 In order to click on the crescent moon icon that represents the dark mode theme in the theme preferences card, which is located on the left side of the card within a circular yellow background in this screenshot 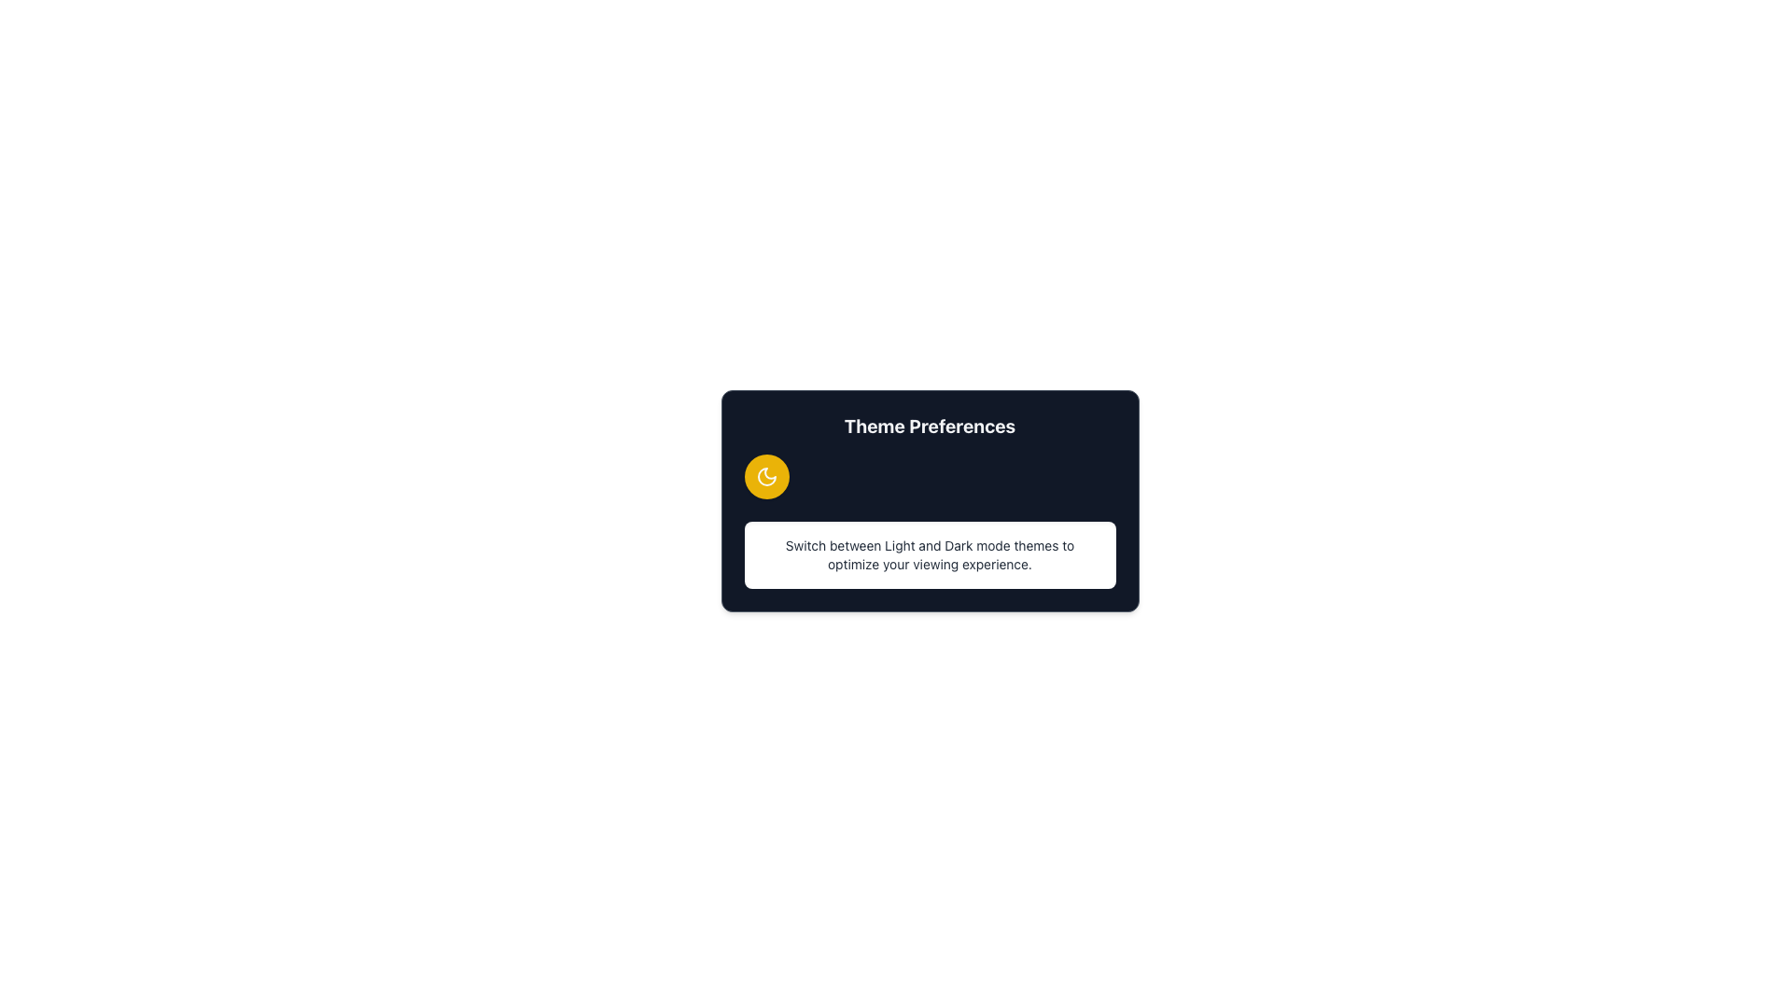, I will do `click(766, 475)`.